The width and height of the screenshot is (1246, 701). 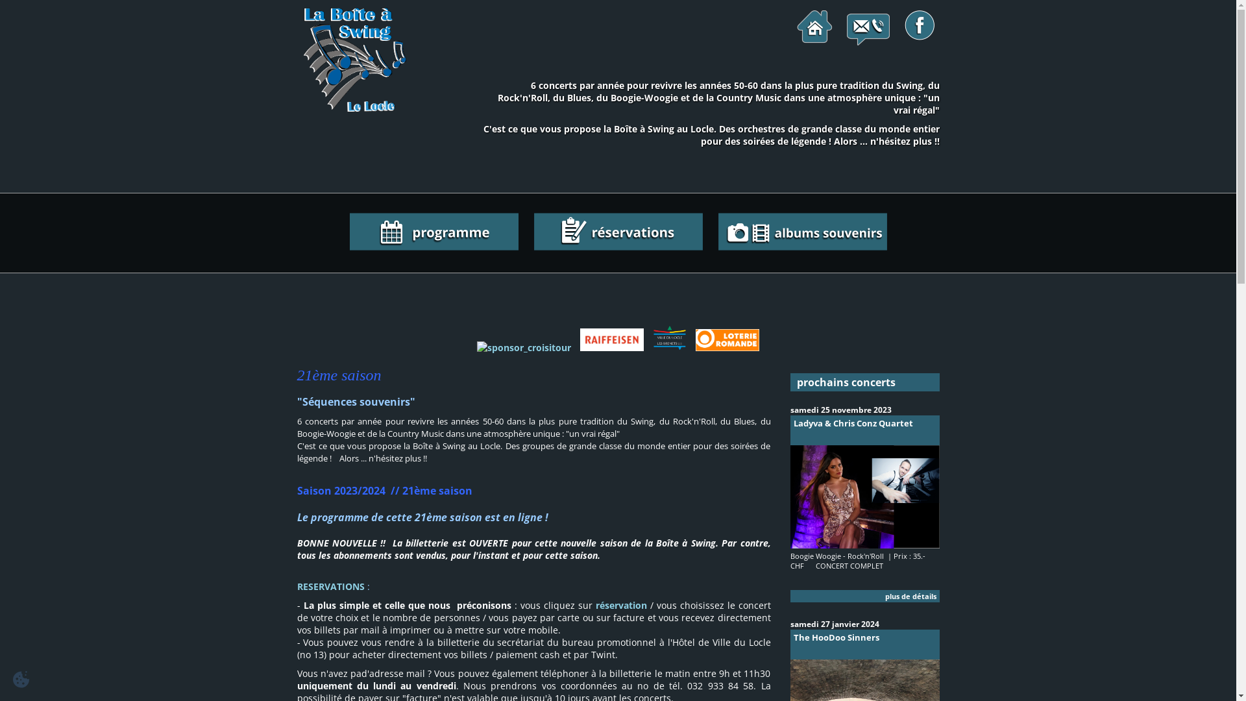 What do you see at coordinates (865, 644) in the screenshot?
I see `'The HooDoo Sinners'` at bounding box center [865, 644].